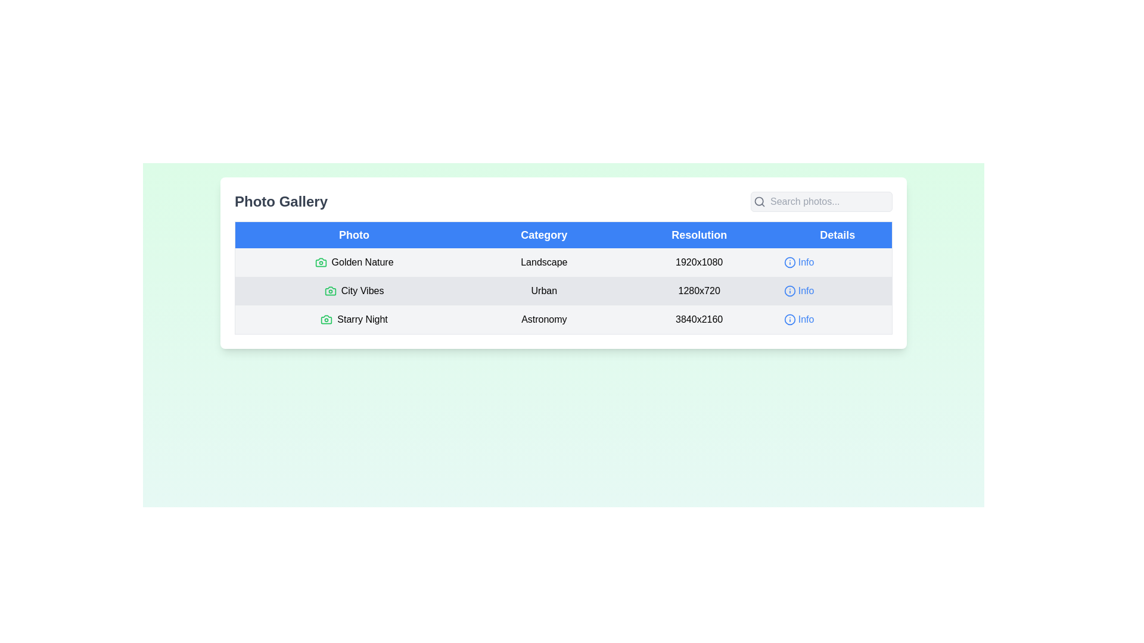 The height and width of the screenshot is (643, 1144). Describe the element at coordinates (799, 261) in the screenshot. I see `the first 'Info' button in the 'Details' column of the first row of the data table, which provides detailed information related to the corresponding row when clicked` at that location.